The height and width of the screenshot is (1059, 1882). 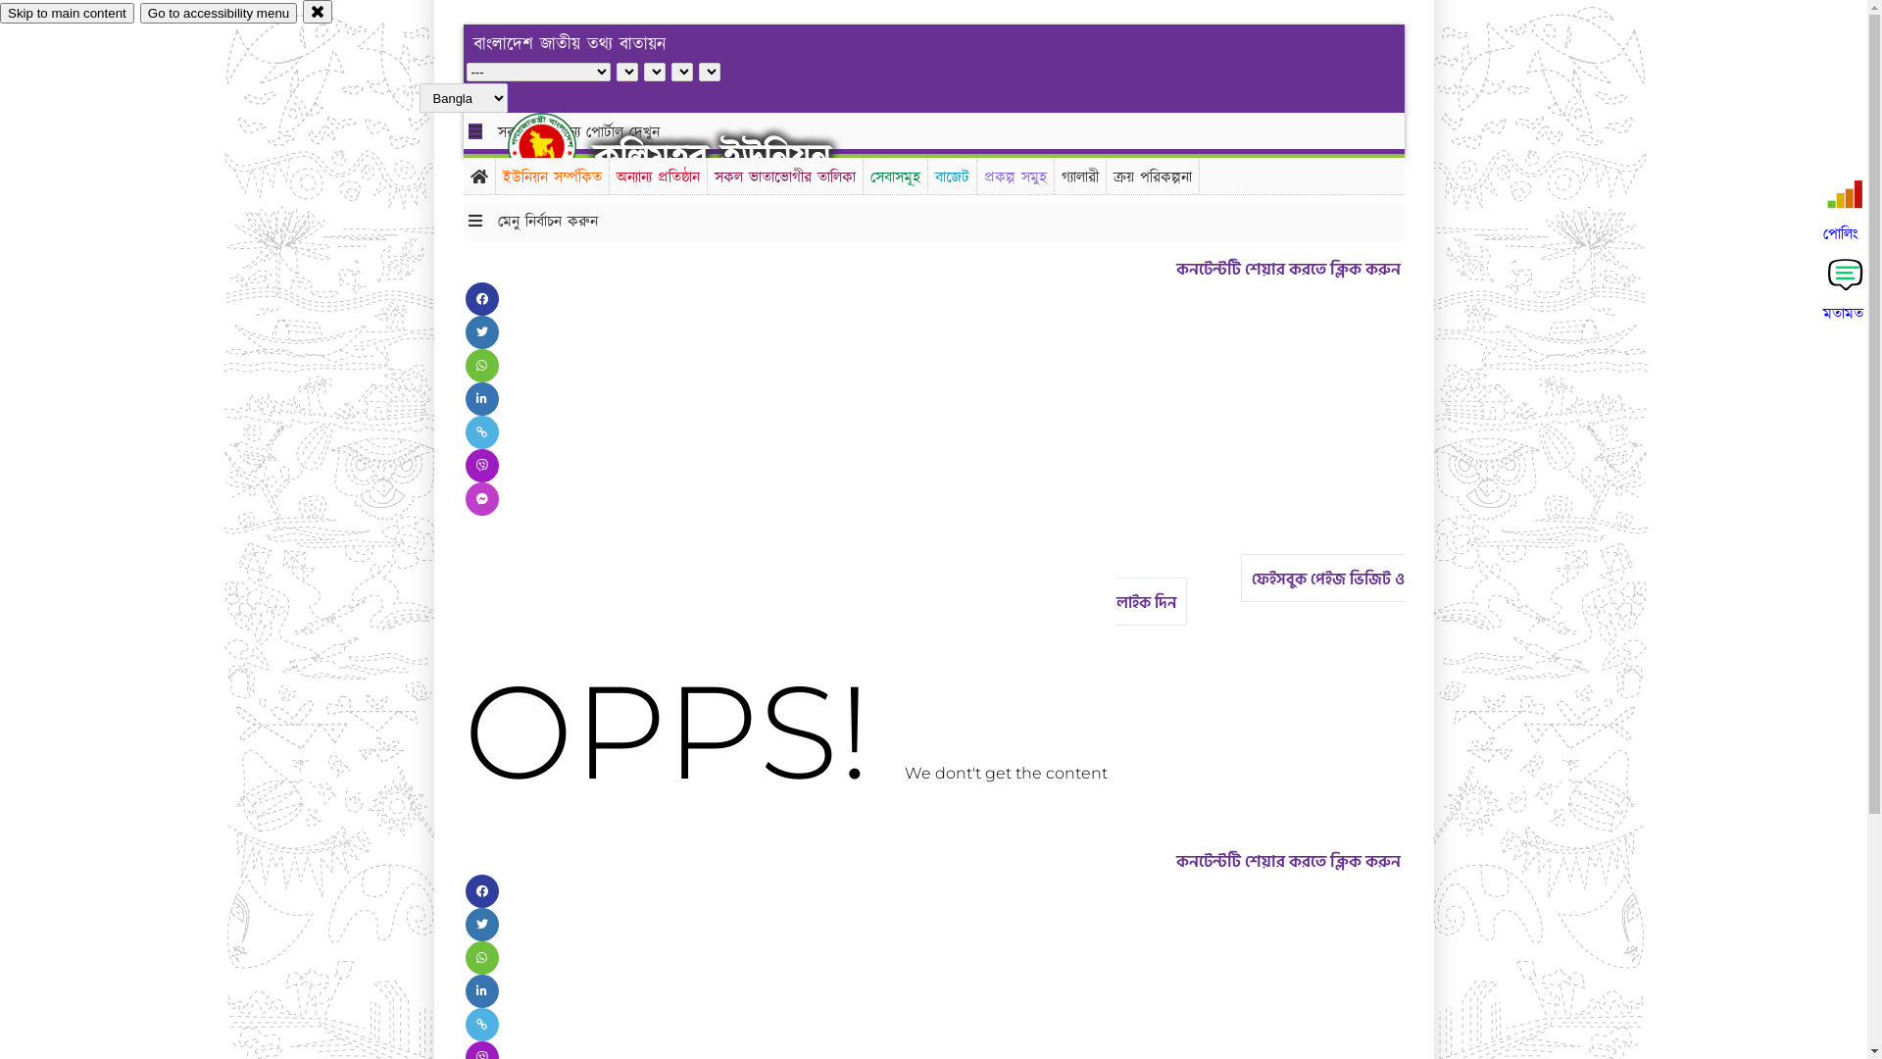 What do you see at coordinates (558, 145) in the screenshot?
I see `'` at bounding box center [558, 145].